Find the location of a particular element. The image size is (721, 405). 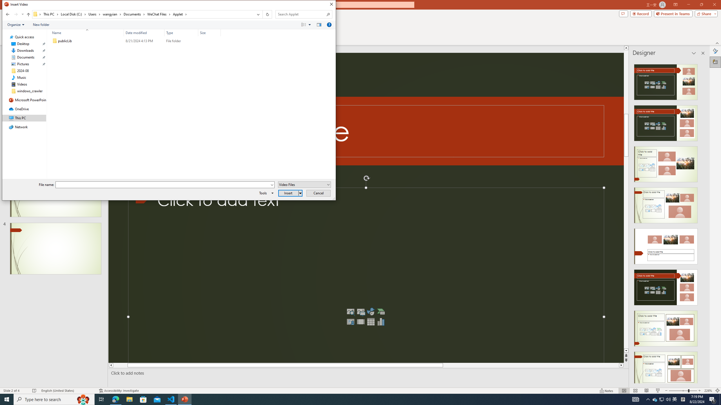

'Up band toolbar' is located at coordinates (28, 15).